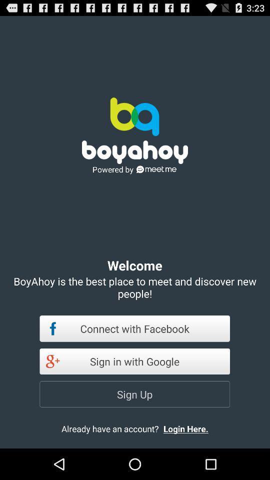  Describe the element at coordinates (194, 428) in the screenshot. I see `icon below the sign up` at that location.